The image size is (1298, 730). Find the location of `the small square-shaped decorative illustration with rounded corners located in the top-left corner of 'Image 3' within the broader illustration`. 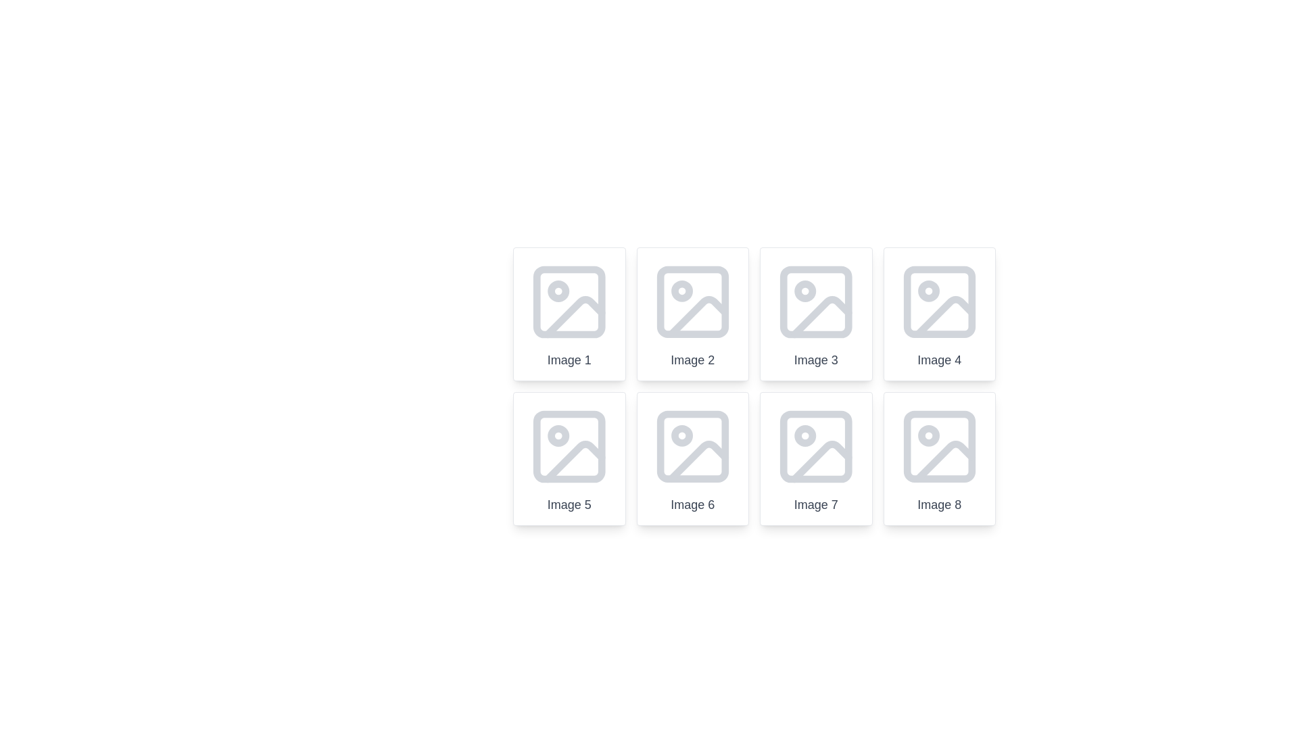

the small square-shaped decorative illustration with rounded corners located in the top-left corner of 'Image 3' within the broader illustration is located at coordinates (815, 301).